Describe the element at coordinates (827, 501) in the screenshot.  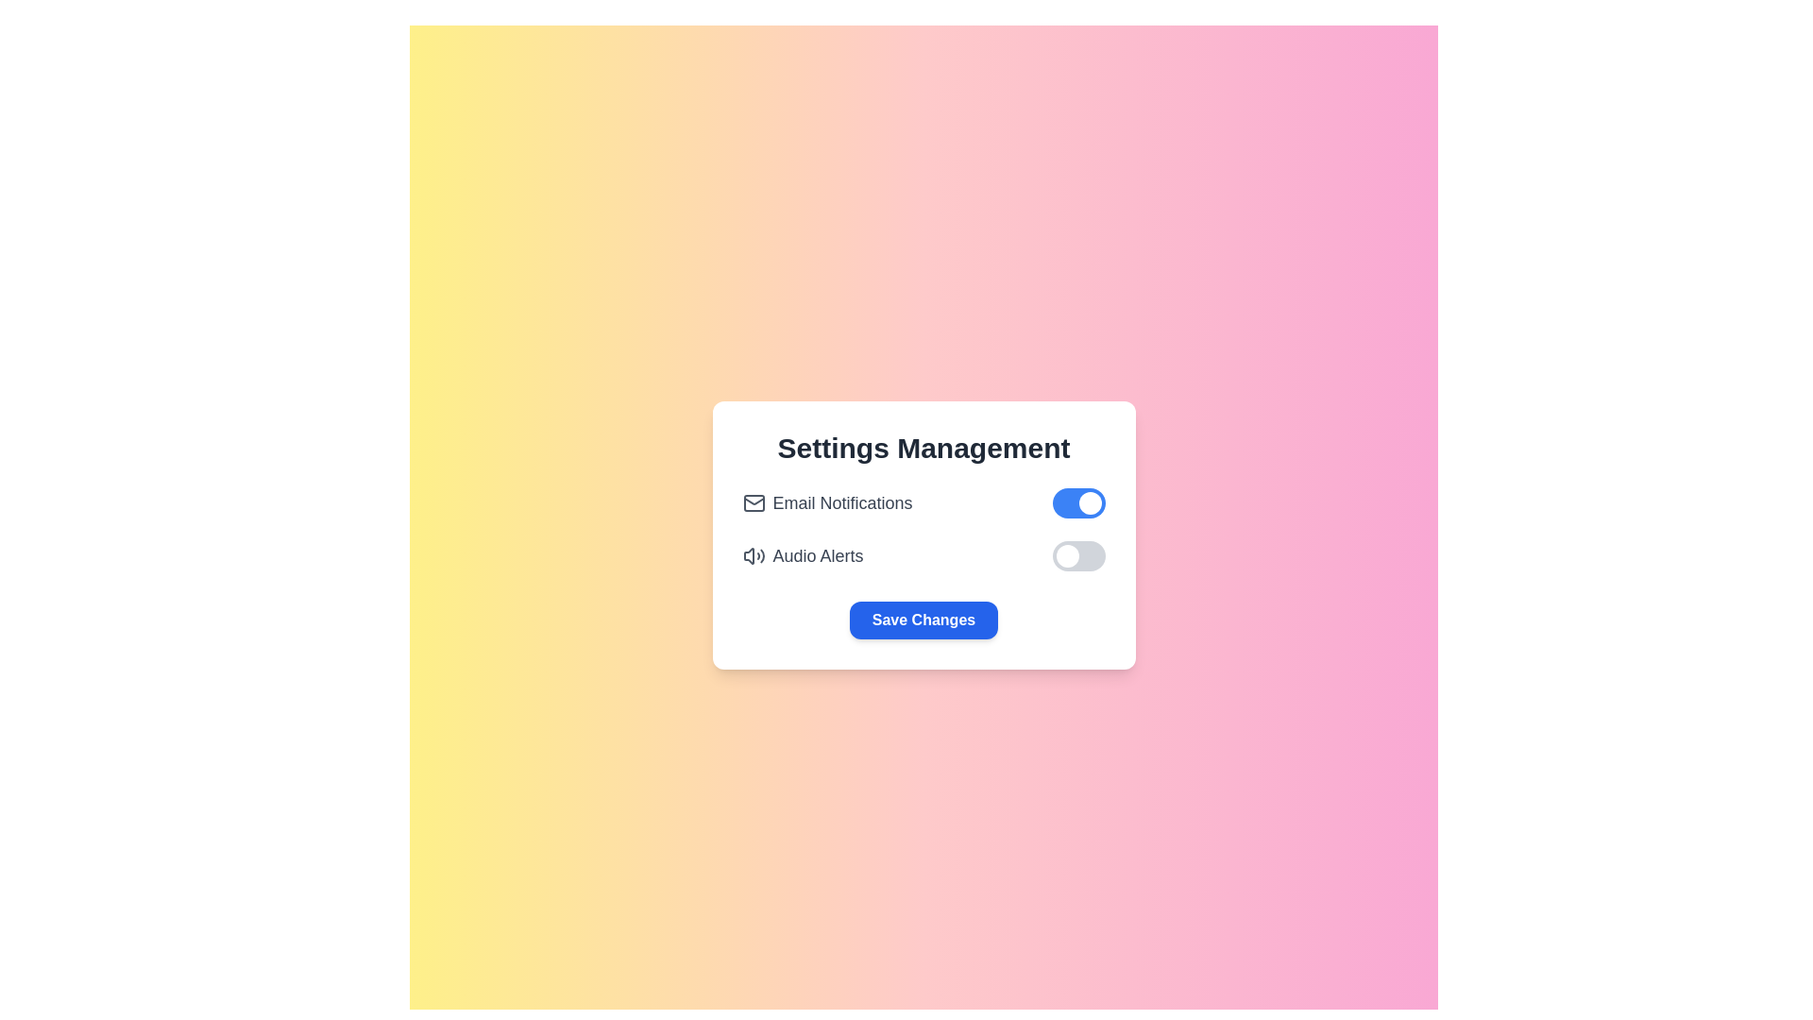
I see `the 'Email Notifications' label located in the settings panel under 'Settings Management', which is positioned to the left of the toggle switch` at that location.